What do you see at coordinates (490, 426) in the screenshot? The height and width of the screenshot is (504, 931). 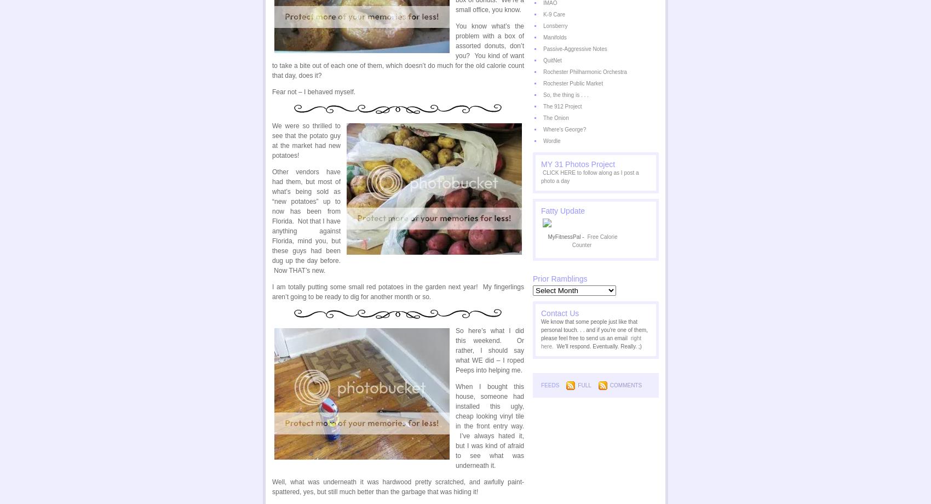 I see `'When I bought this house, someone had installed this ugly, cheap looking vinyl tile in the front entry way.  I’ve always hated it, but I was kind of afraid to see what was underneath it.'` at bounding box center [490, 426].